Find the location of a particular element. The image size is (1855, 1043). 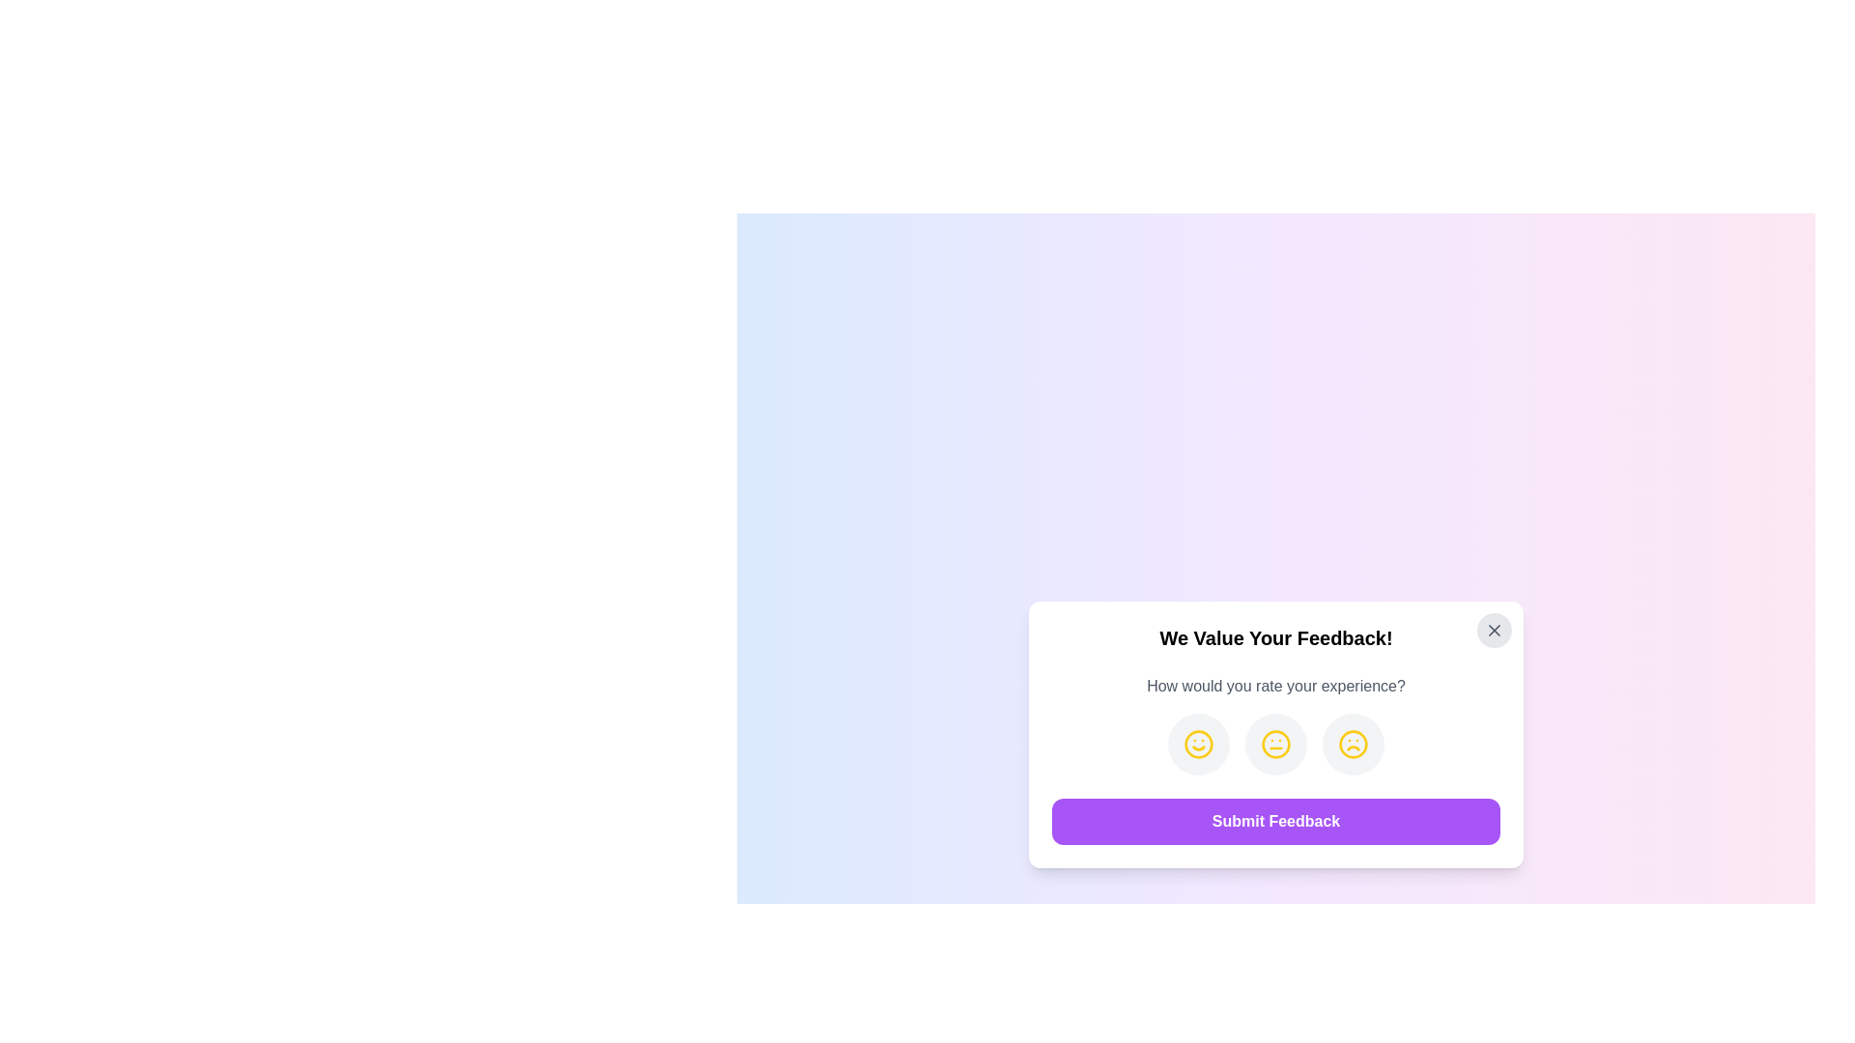

the neutral feedback rating icon is located at coordinates (1275, 744).